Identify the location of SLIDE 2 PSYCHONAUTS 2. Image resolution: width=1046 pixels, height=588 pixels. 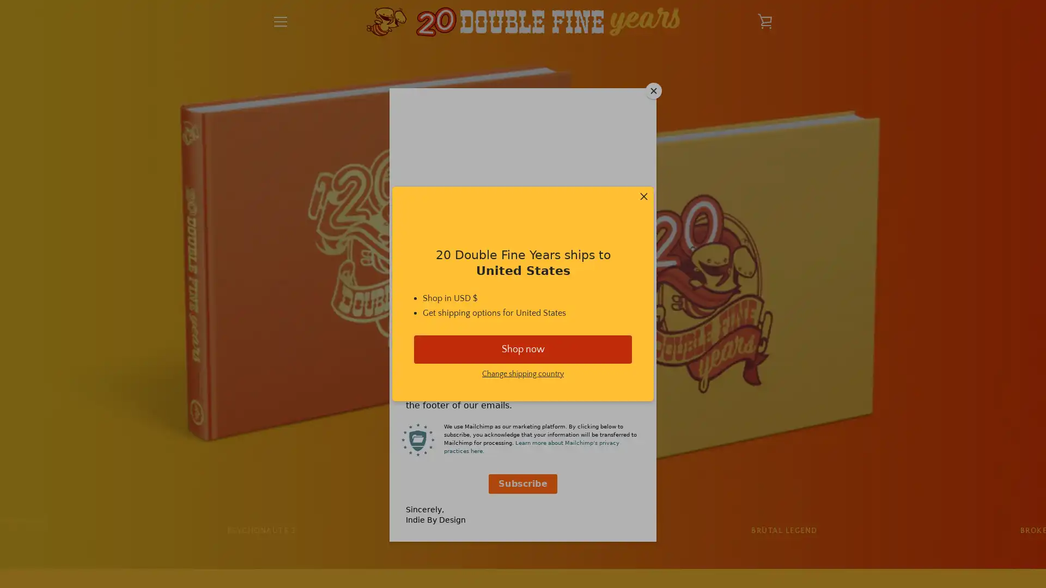
(260, 530).